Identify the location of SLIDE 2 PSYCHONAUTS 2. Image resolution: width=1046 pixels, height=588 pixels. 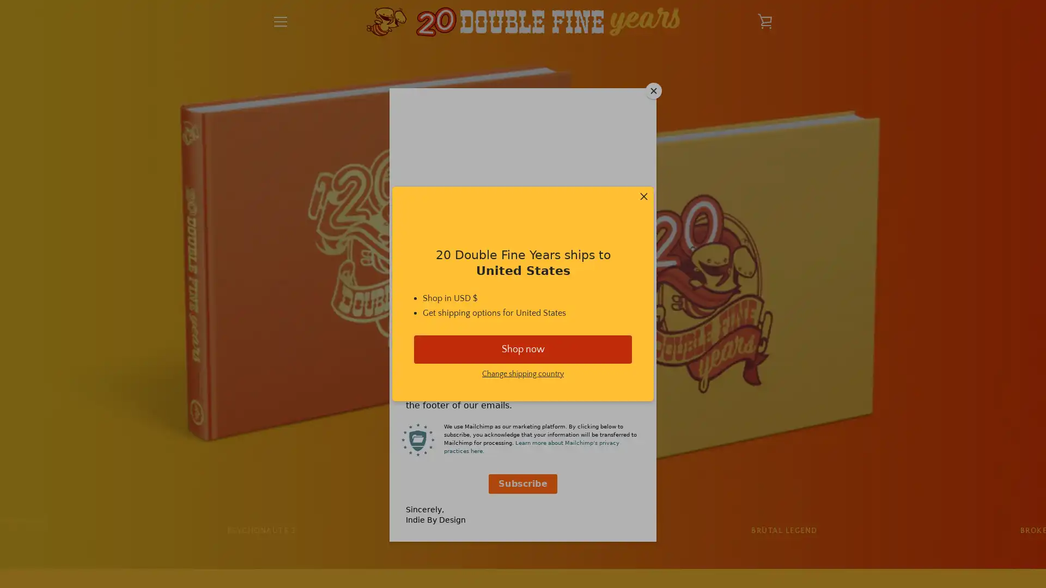
(260, 530).